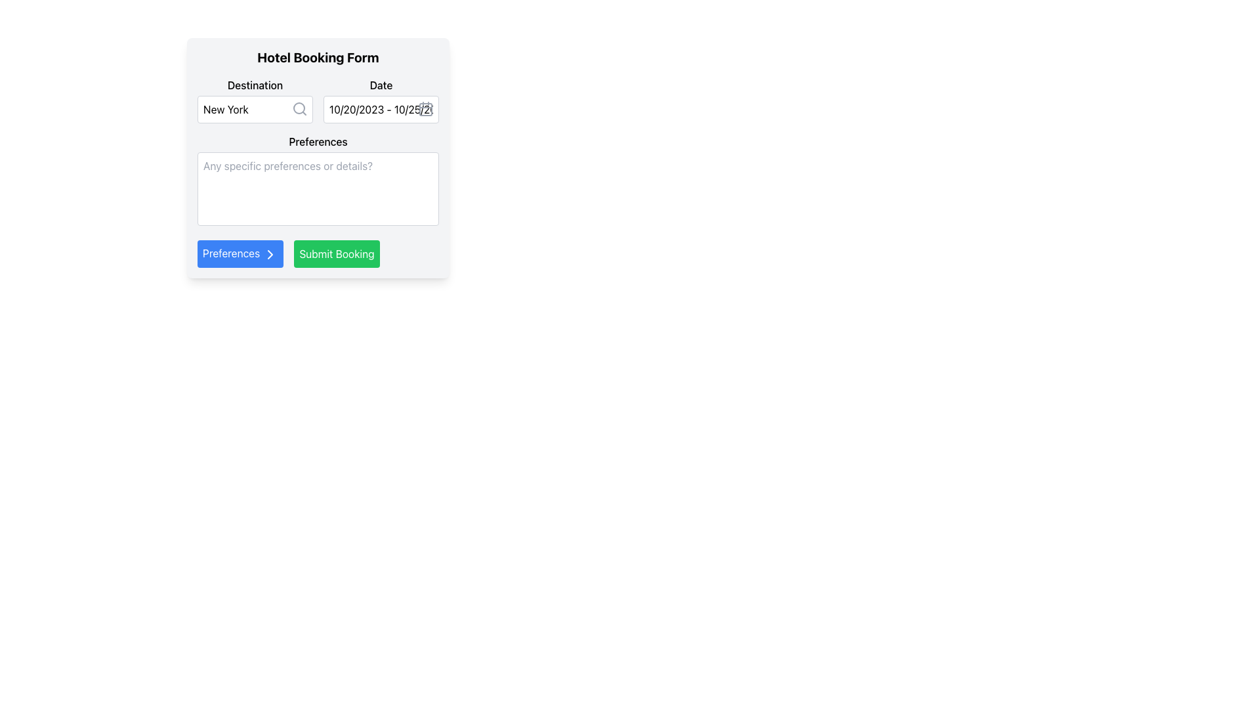  What do you see at coordinates (337, 253) in the screenshot?
I see `the 'Submit Booking' button, which is a rectangular button with a green background and white text, located centrally at the bottom of the form` at bounding box center [337, 253].